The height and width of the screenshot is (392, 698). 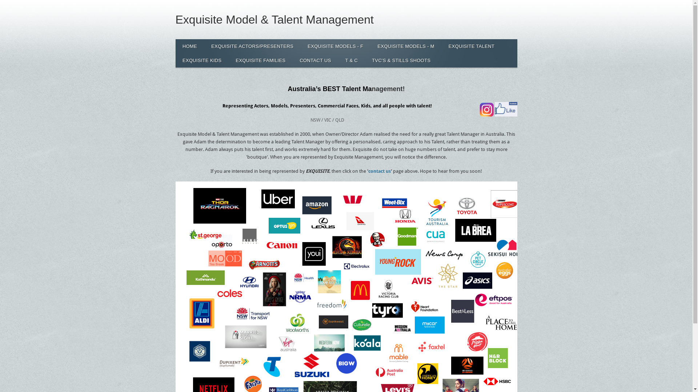 I want to click on 'EXQUISITE KIDS', so click(x=202, y=60).